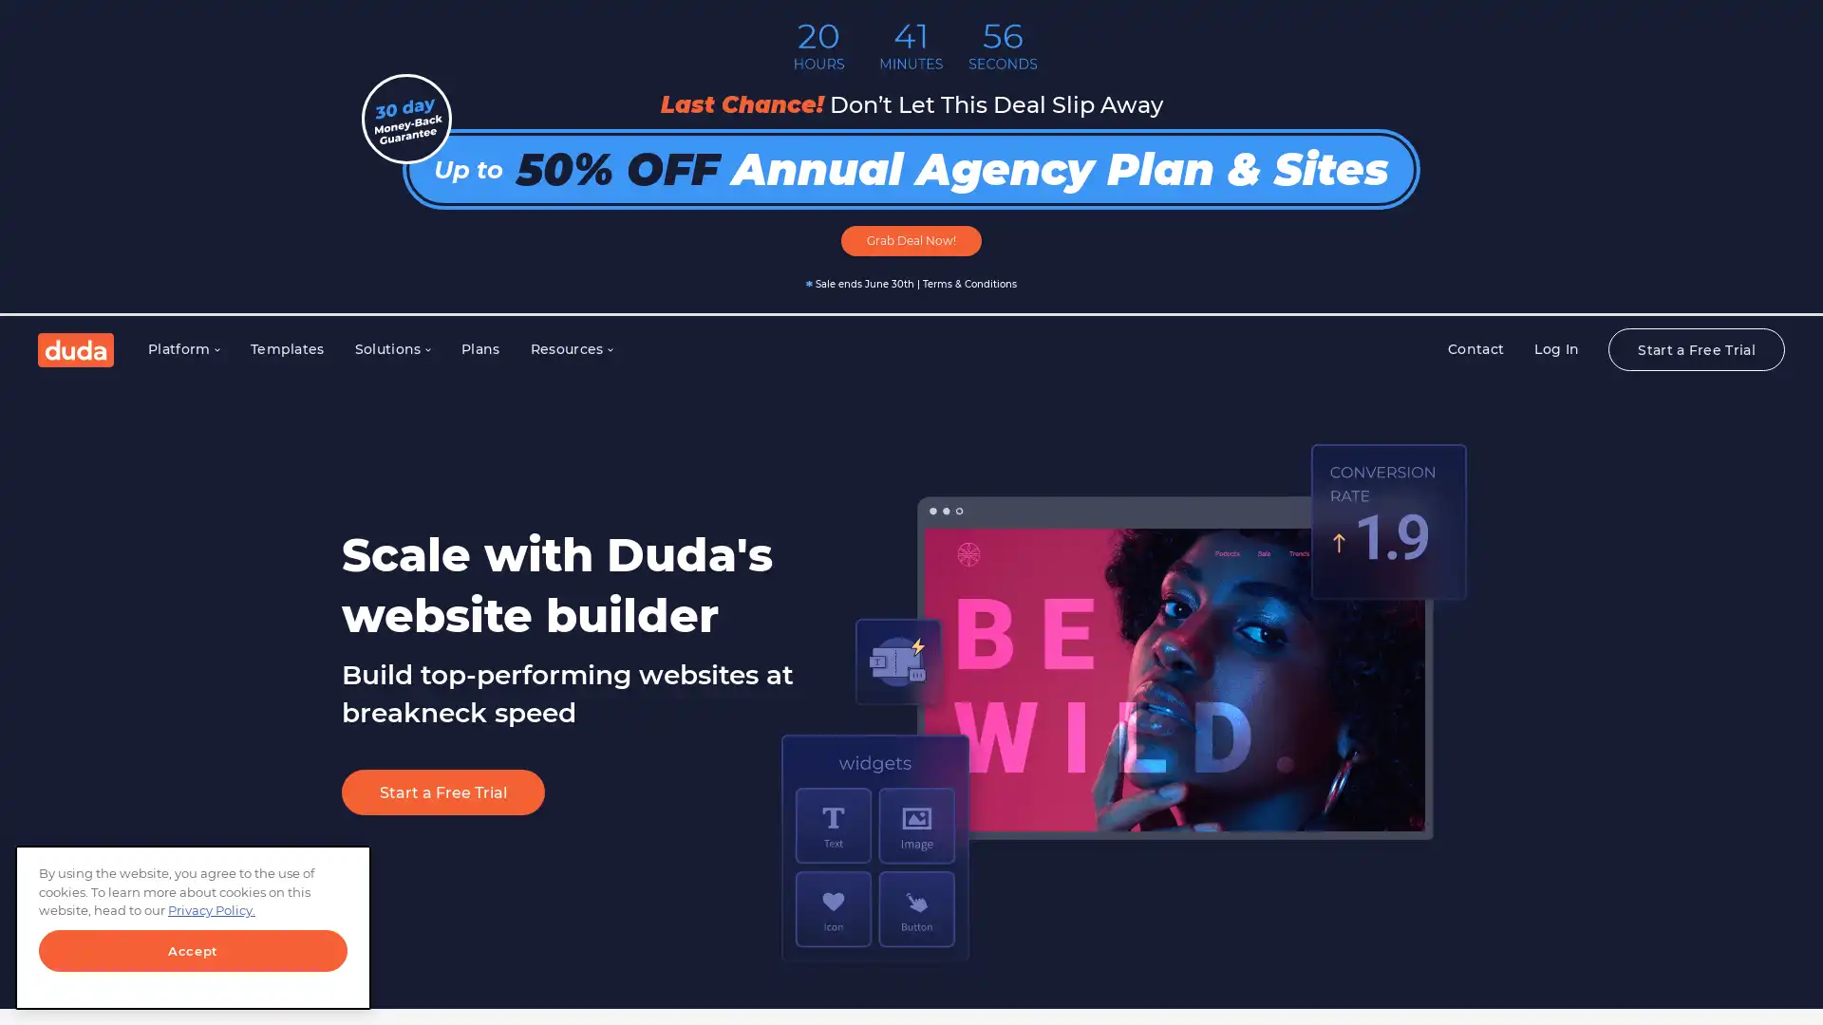 The width and height of the screenshot is (1823, 1025). Describe the element at coordinates (193, 951) in the screenshot. I see `Accept` at that location.